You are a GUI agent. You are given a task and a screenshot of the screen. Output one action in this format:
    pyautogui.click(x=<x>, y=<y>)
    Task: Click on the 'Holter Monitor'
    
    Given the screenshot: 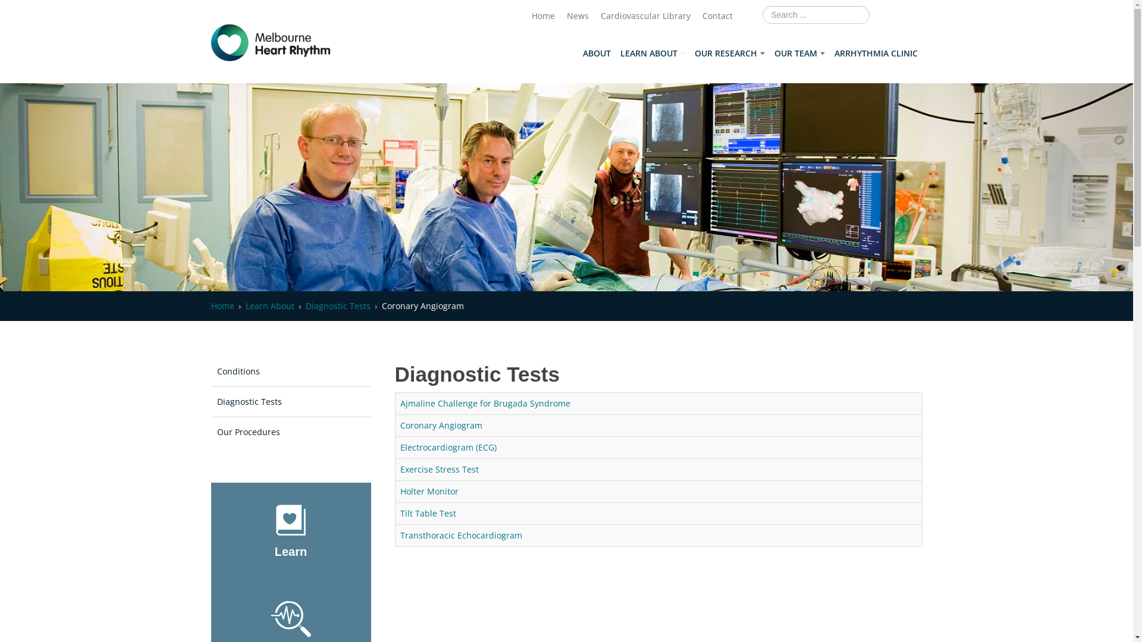 What is the action you would take?
    pyautogui.click(x=428, y=491)
    